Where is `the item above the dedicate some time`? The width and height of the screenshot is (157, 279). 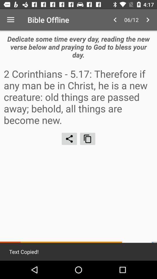
the item above the dedicate some time is located at coordinates (10, 20).